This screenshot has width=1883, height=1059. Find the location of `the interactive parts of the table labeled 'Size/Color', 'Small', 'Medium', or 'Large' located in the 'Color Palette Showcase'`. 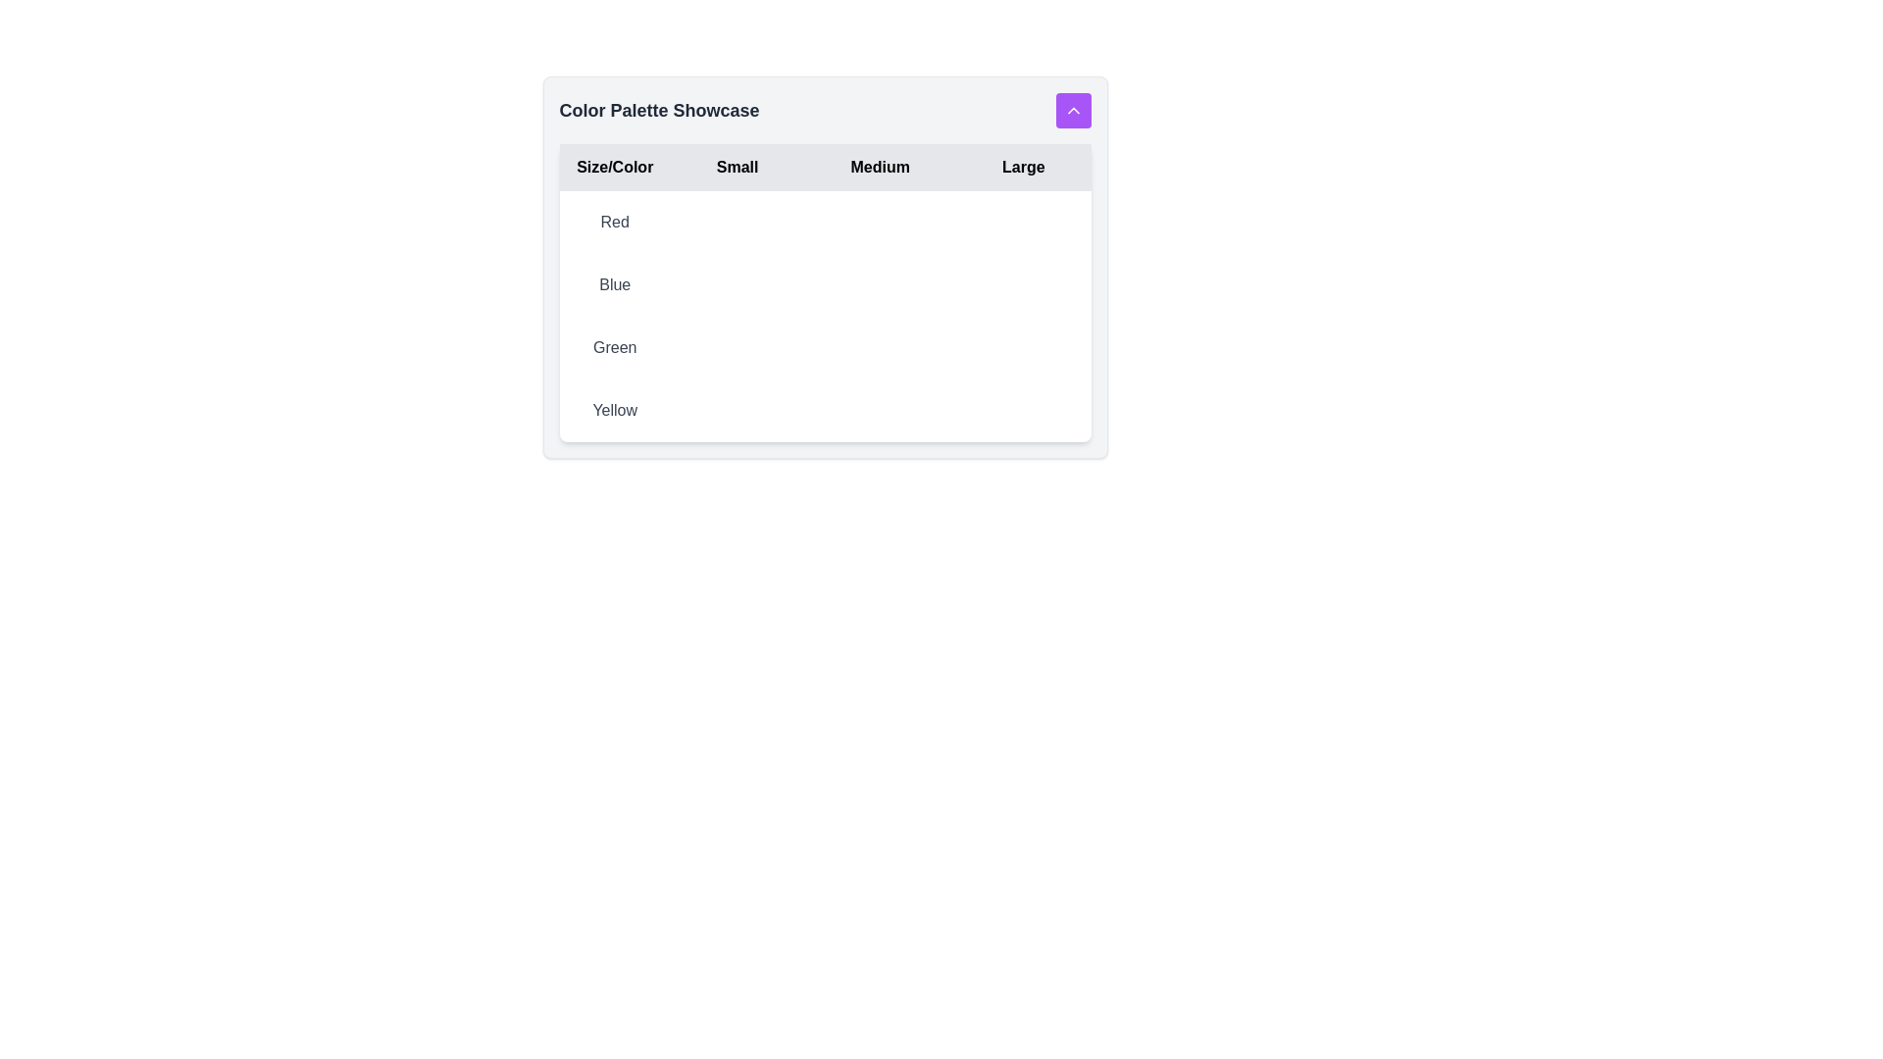

the interactive parts of the table labeled 'Size/Color', 'Small', 'Medium', or 'Large' located in the 'Color Palette Showcase' is located at coordinates (825, 293).